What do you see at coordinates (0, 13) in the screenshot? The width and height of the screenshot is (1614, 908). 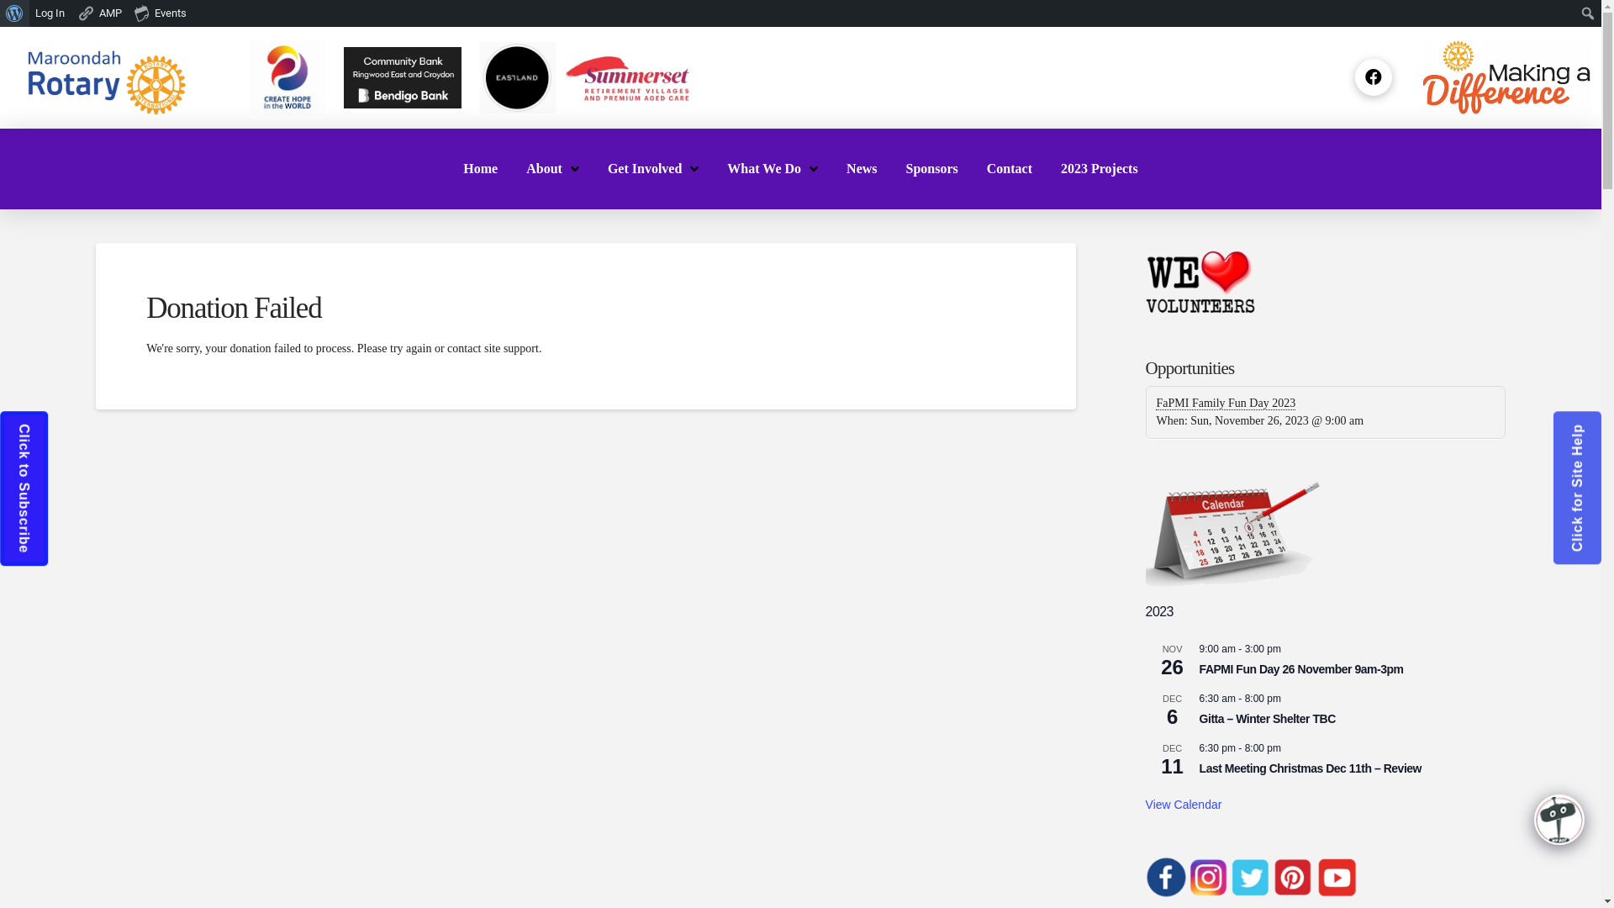 I see `'Search'` at bounding box center [0, 13].